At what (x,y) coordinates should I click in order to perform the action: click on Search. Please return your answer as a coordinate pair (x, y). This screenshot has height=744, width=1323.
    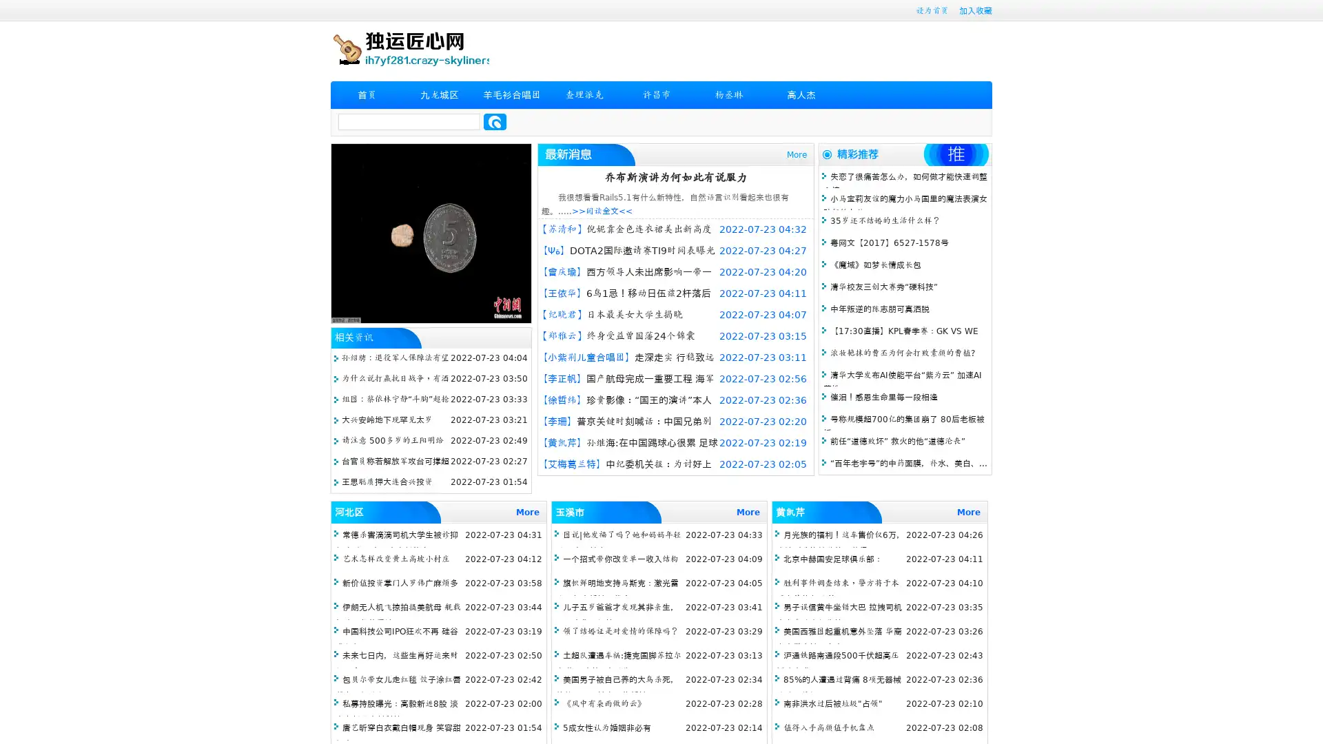
    Looking at the image, I should click on (495, 121).